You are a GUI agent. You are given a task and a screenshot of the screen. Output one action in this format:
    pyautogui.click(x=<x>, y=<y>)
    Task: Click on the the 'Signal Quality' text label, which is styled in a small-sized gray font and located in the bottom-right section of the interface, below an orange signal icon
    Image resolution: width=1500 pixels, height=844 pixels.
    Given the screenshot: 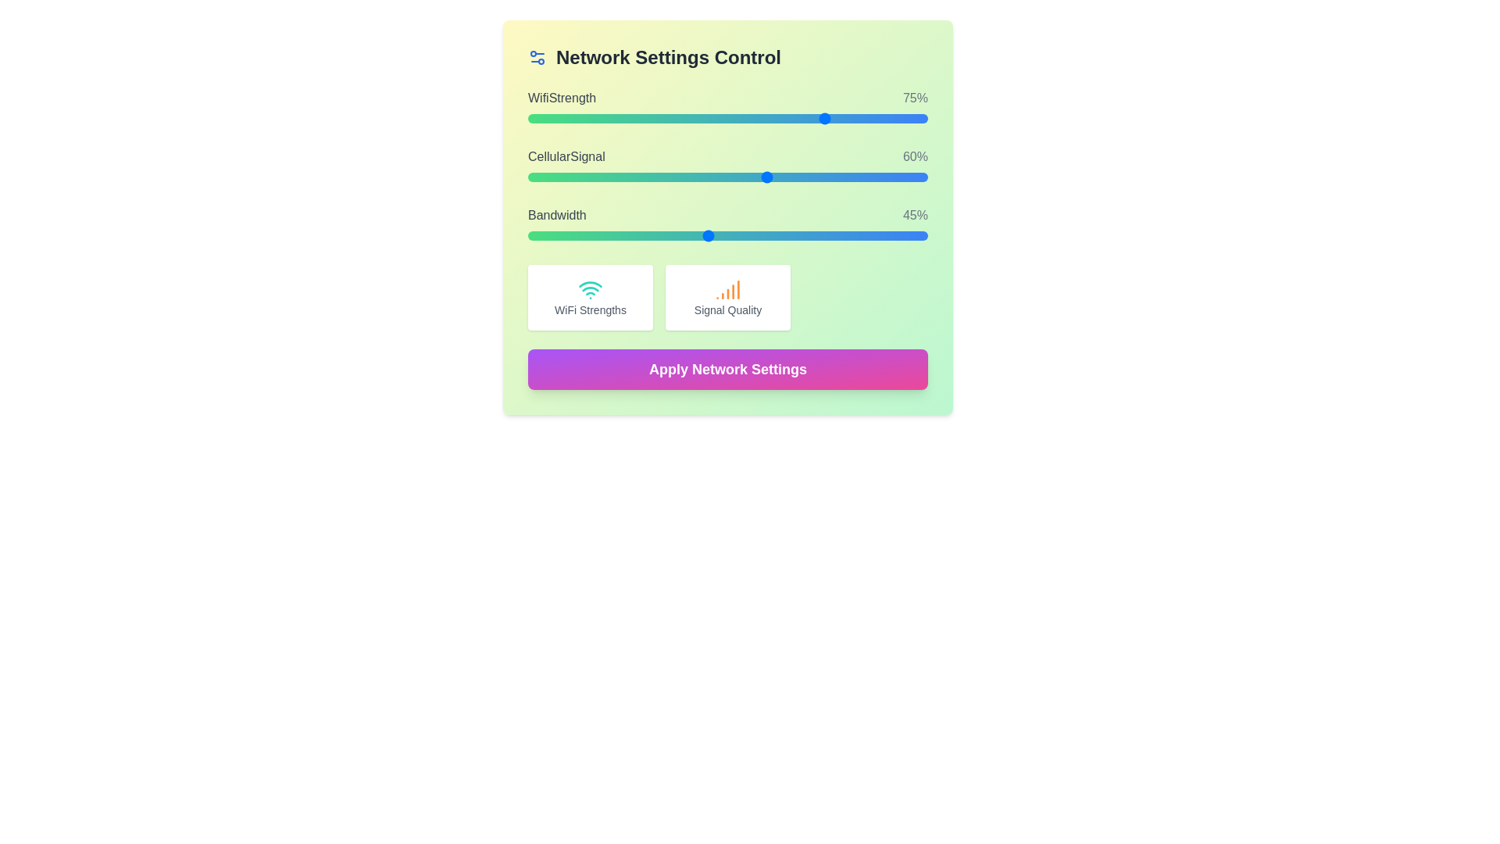 What is the action you would take?
    pyautogui.click(x=727, y=310)
    